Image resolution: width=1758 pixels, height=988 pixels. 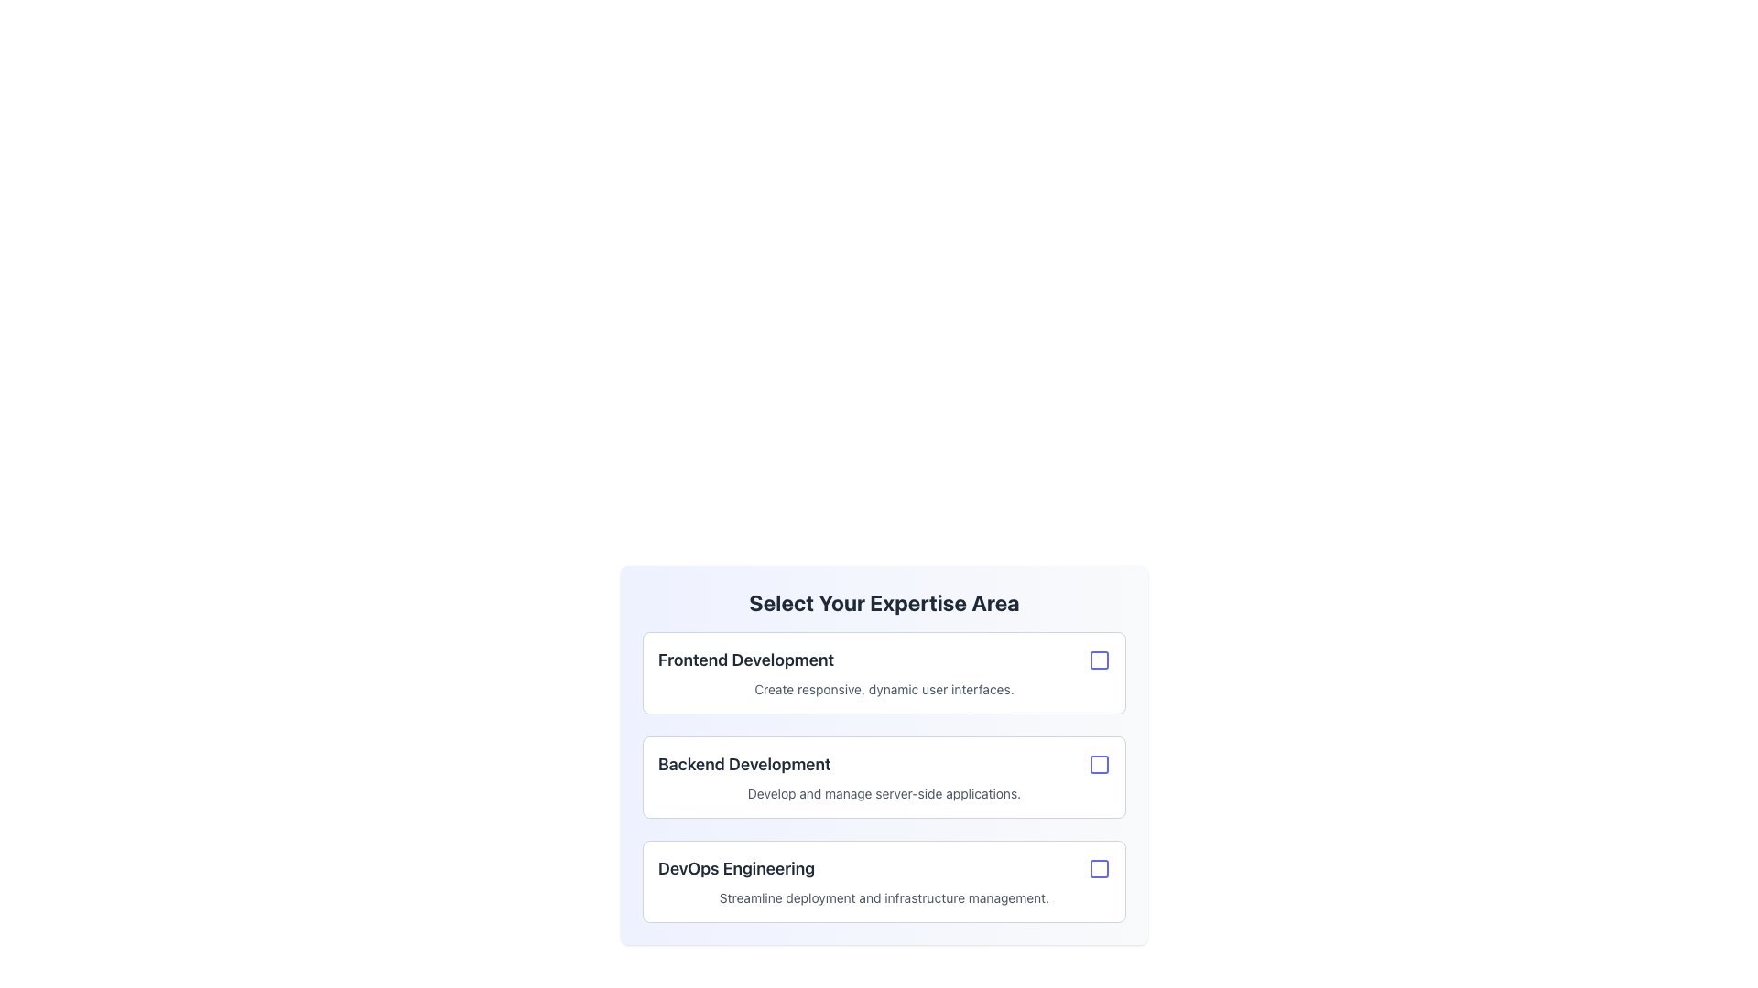 What do you see at coordinates (884, 603) in the screenshot?
I see `the main heading text element that provides context for selecting an area of expertise, located centrally at the top of the card` at bounding box center [884, 603].